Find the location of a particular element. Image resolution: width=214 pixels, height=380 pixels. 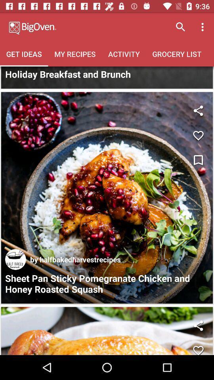

shows recipe category is located at coordinates (107, 78).